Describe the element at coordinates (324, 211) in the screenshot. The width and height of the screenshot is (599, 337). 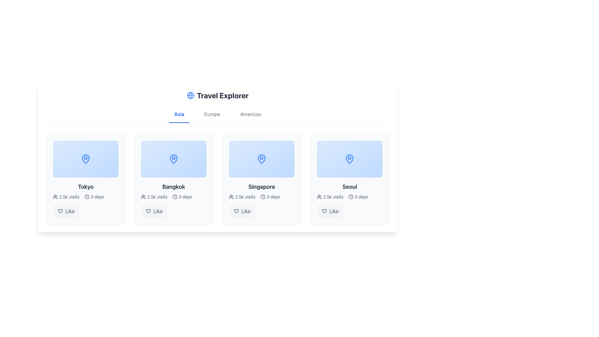
I see `the heart-shaped icon located at the bottom section of the 'Seoul' card to like the content` at that location.